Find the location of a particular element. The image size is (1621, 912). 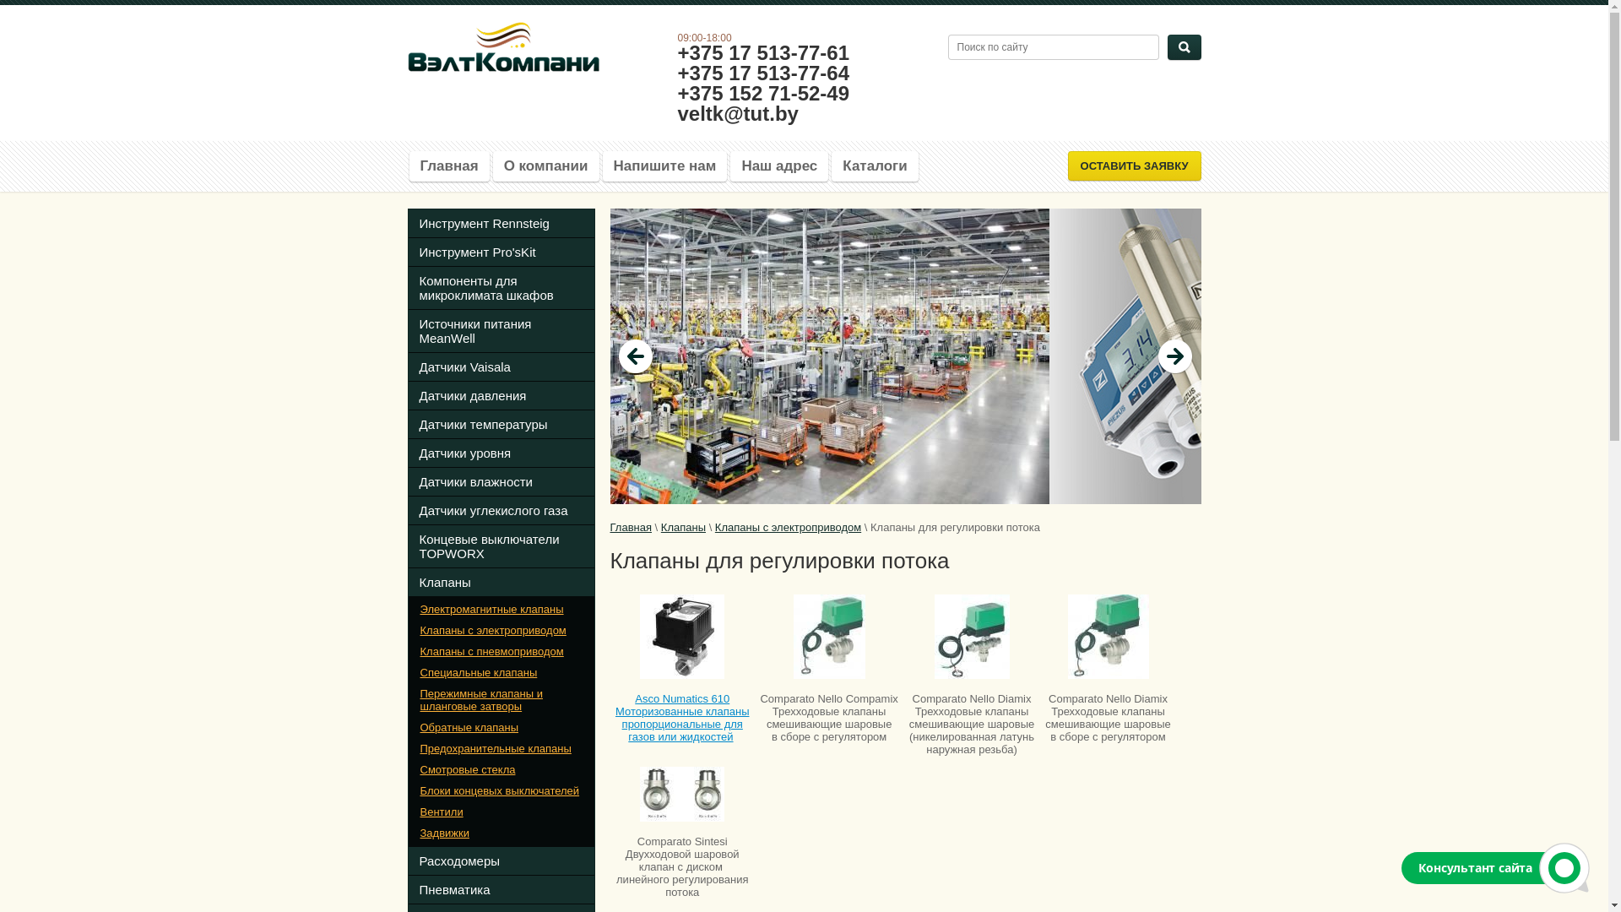

'Prev' is located at coordinates (635, 355).